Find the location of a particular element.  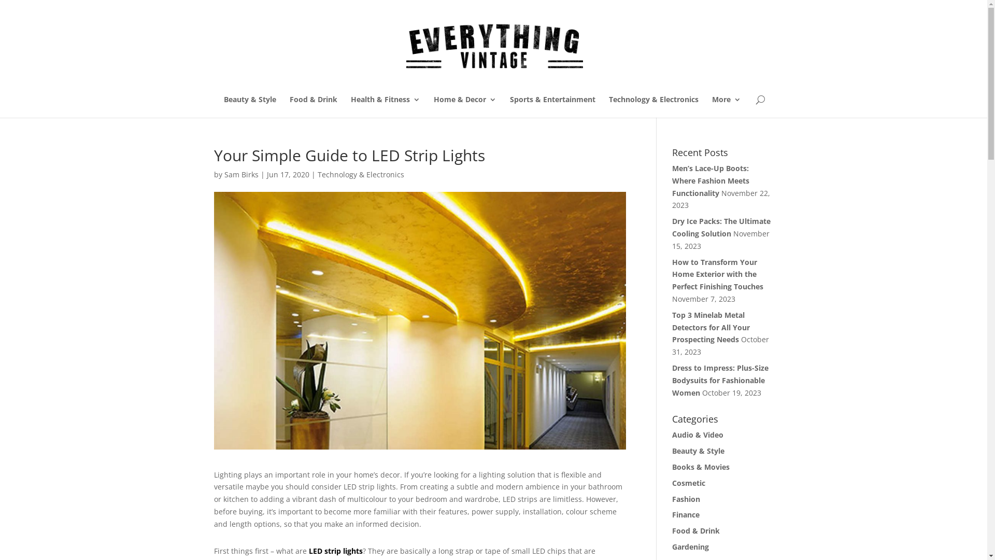

'Health & Fitness' is located at coordinates (350, 106).